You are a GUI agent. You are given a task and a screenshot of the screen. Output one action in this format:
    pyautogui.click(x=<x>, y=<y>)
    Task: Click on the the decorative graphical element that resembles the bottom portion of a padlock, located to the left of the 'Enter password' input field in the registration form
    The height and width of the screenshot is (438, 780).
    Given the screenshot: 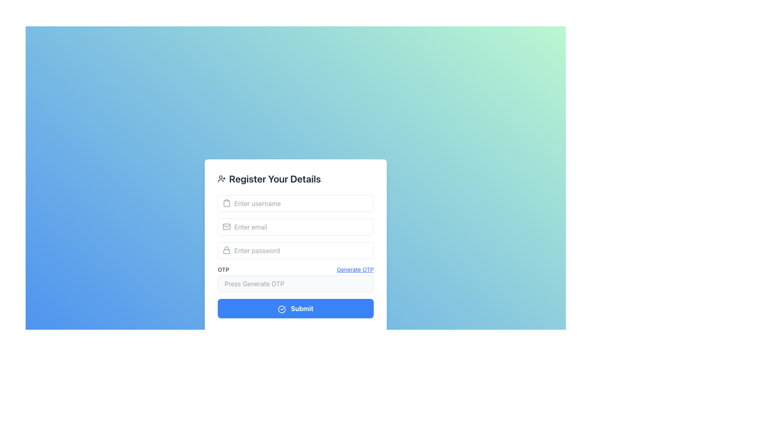 What is the action you would take?
    pyautogui.click(x=226, y=251)
    